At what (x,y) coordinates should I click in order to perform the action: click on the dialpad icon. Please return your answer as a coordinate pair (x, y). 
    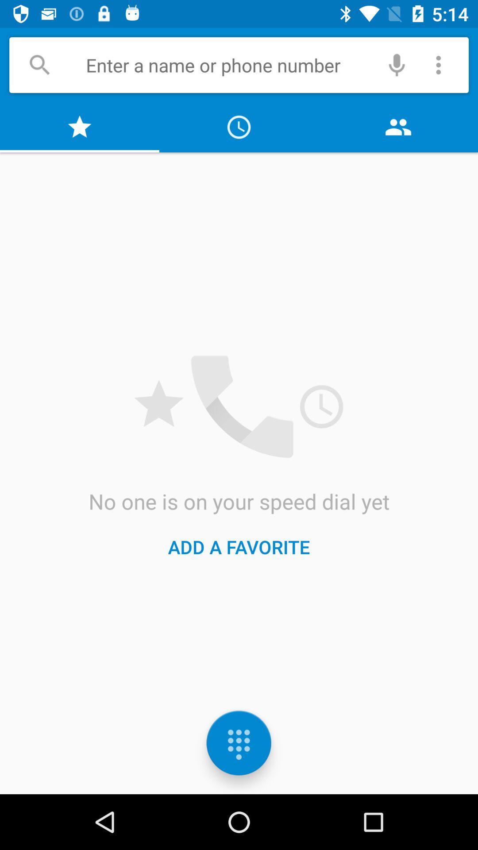
    Looking at the image, I should click on (239, 743).